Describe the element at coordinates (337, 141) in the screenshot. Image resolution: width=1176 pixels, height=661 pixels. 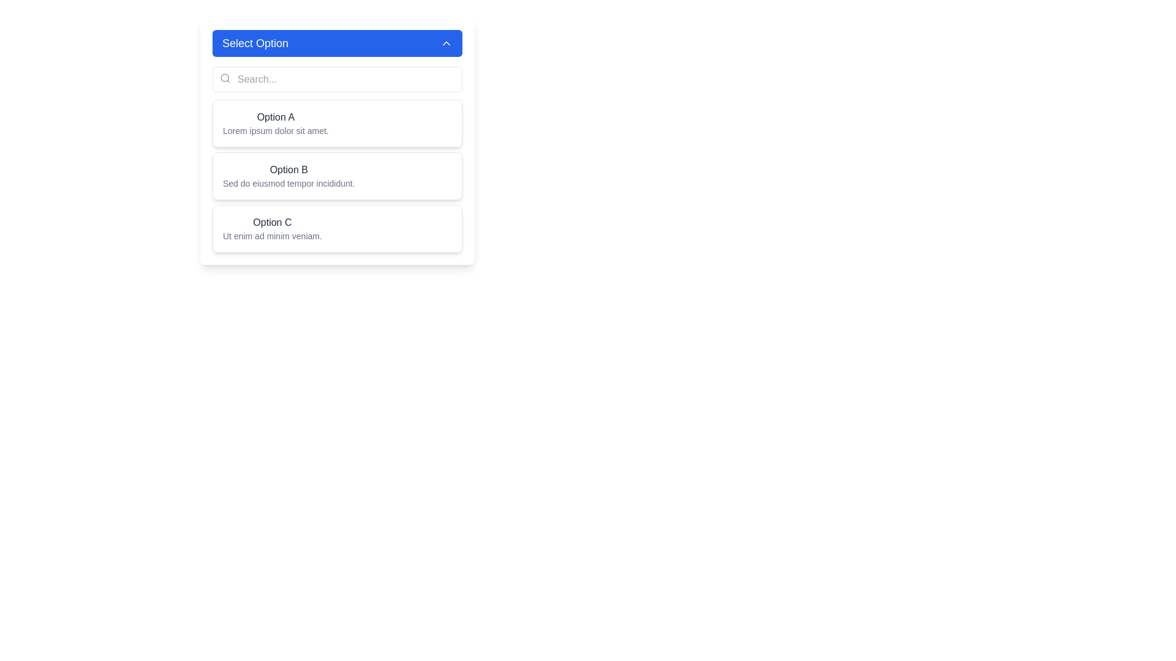
I see `the first selectable option 'Option A' in the dropdown list` at that location.